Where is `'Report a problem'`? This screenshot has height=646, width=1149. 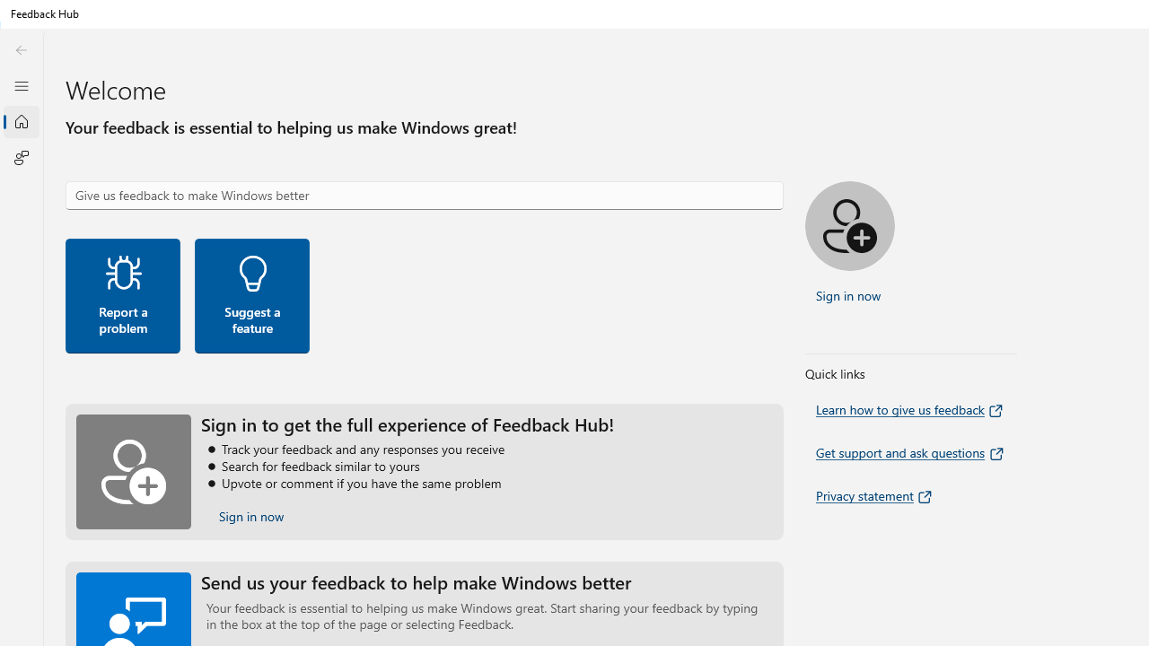
'Report a problem' is located at coordinates (121, 294).